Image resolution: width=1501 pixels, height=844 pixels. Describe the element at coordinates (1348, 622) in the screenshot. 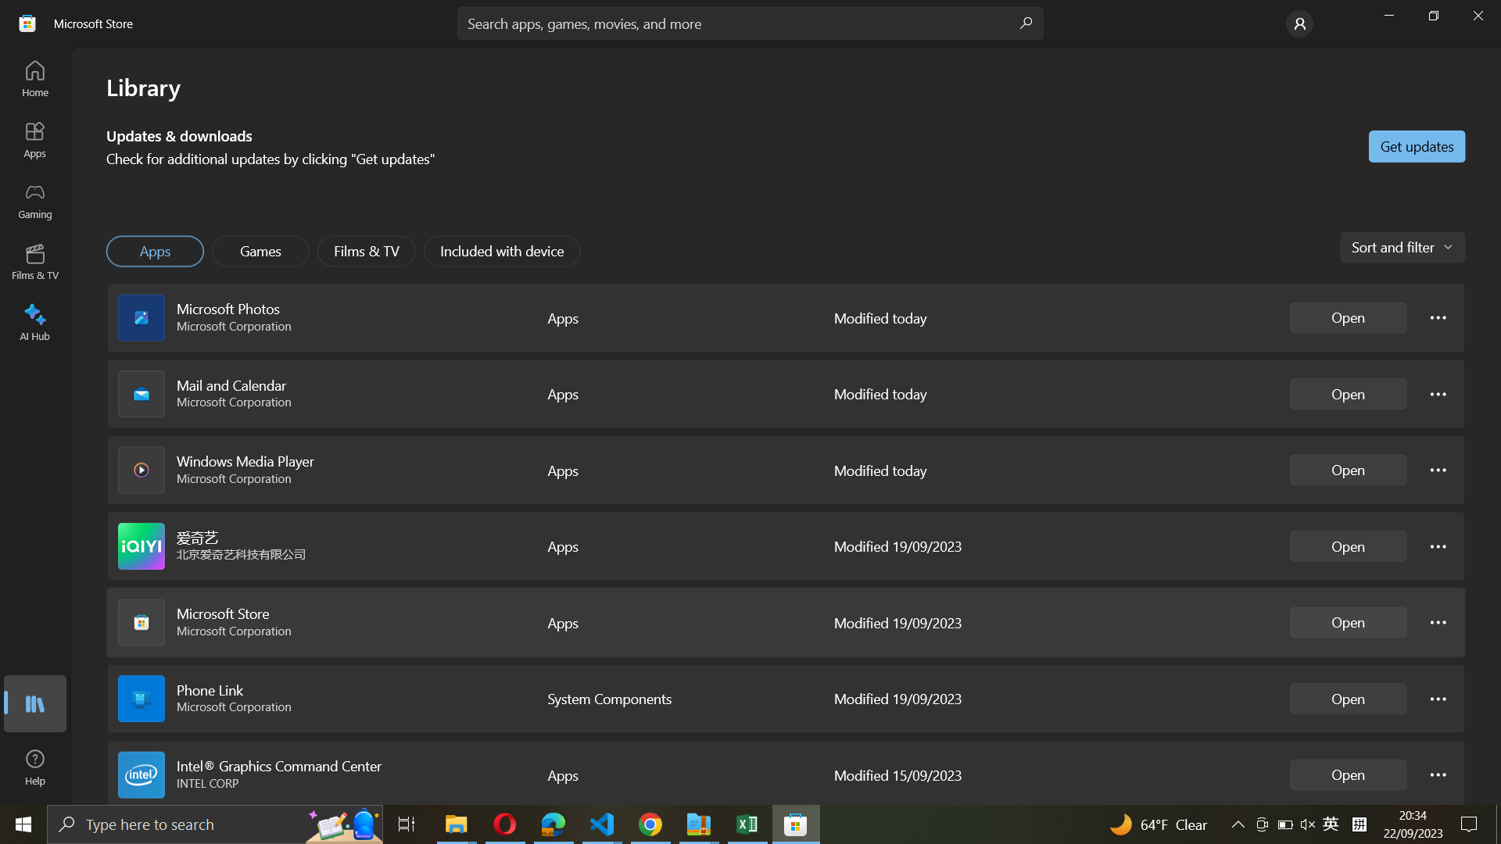

I see `the Microsoft Store application` at that location.